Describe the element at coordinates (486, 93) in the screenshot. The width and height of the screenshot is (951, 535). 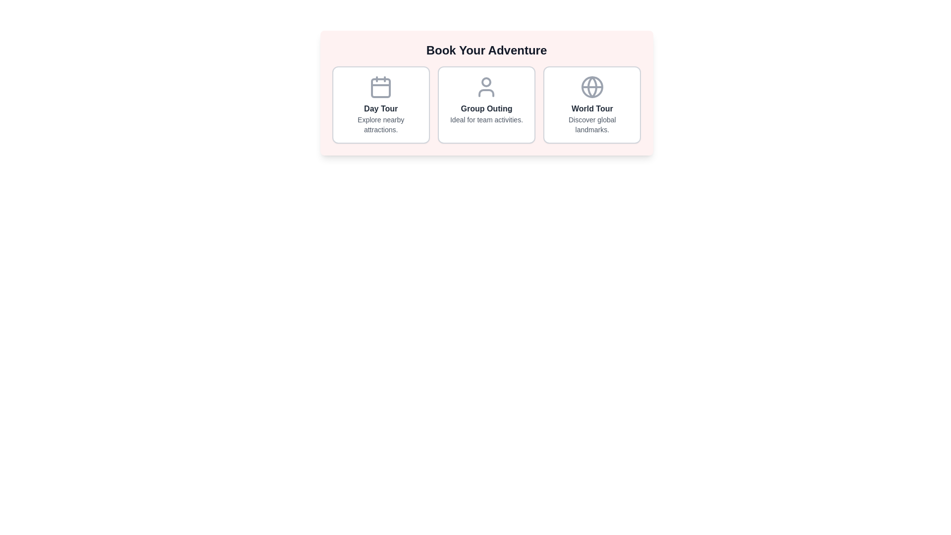
I see `the lower part of the icon representing a user in the 'Group Outing' theme` at that location.